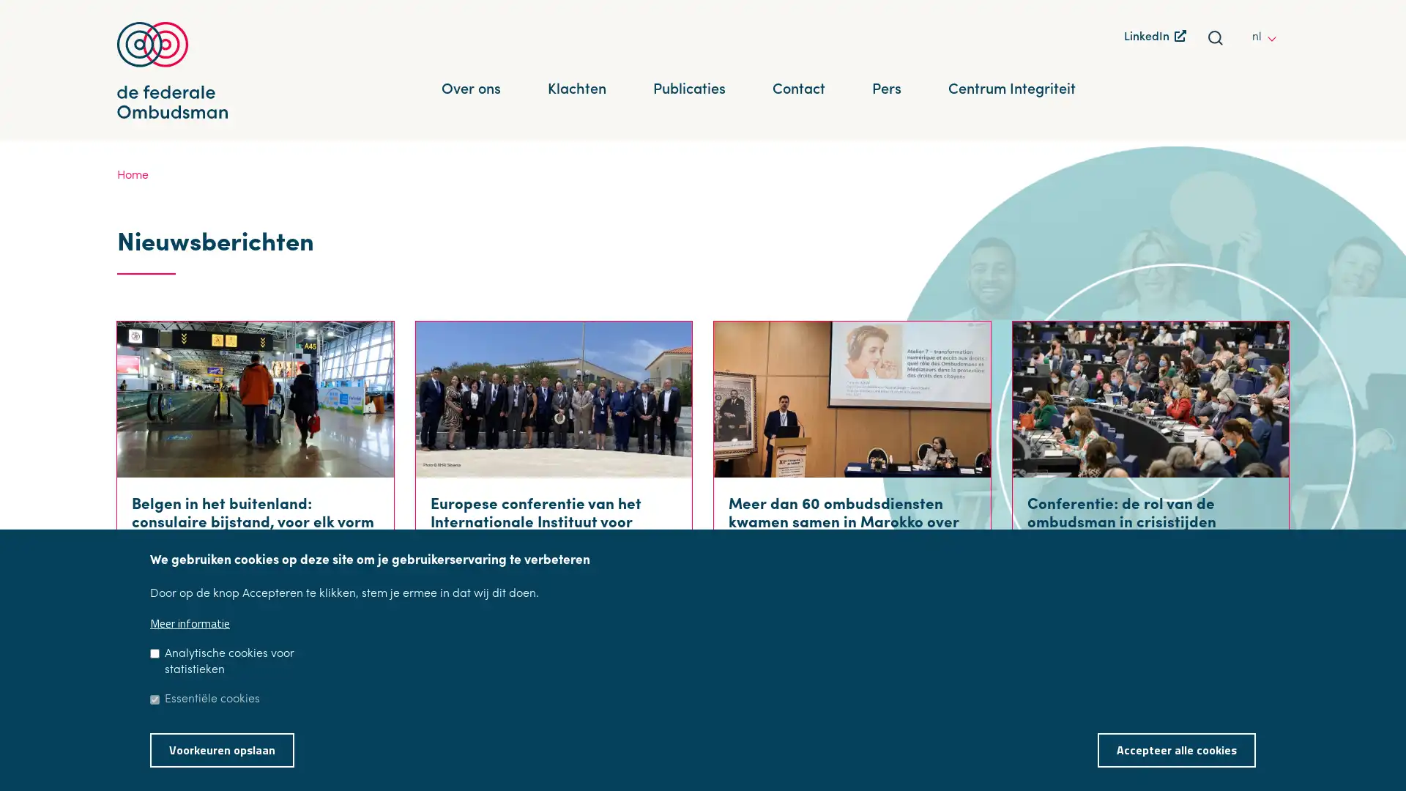 Image resolution: width=1406 pixels, height=791 pixels. Describe the element at coordinates (1274, 740) in the screenshot. I see `Toestemming intrekken` at that location.